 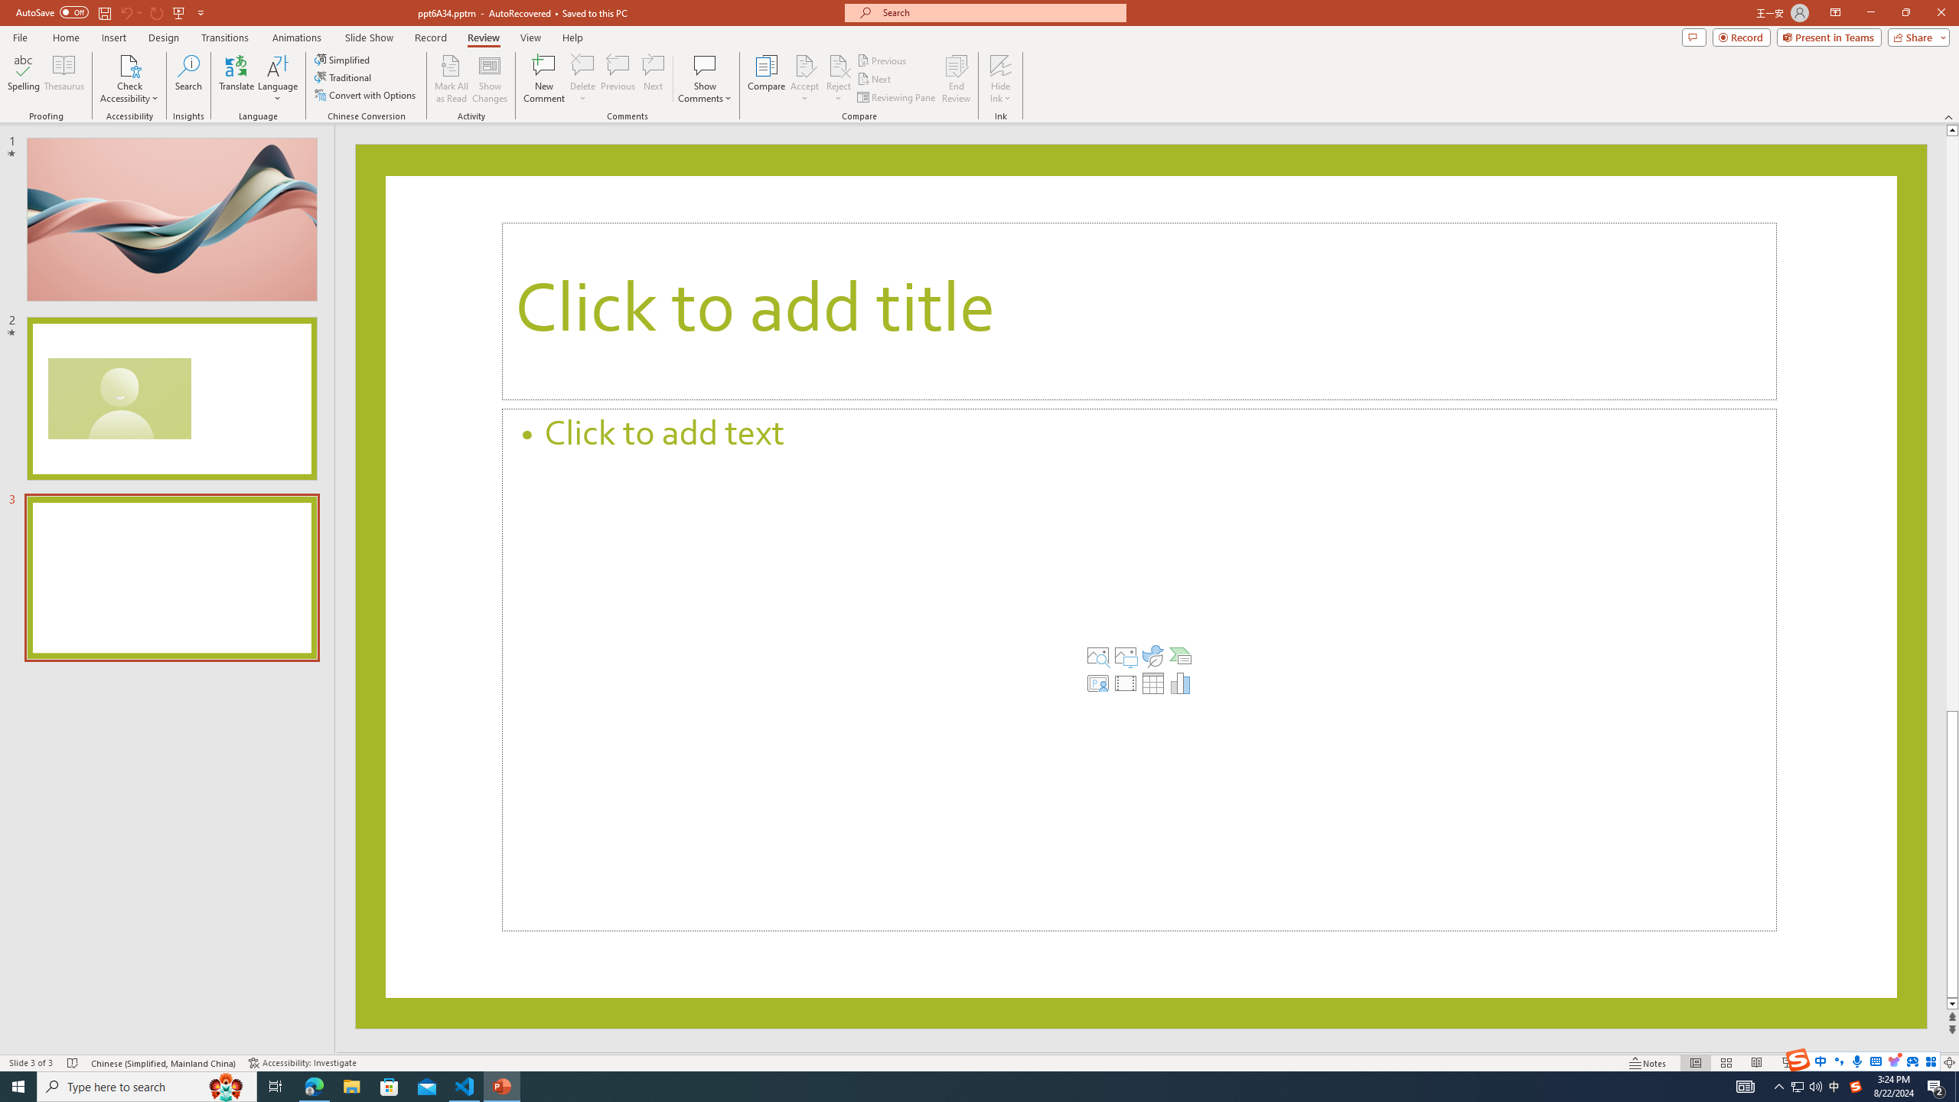 I want to click on 'Reviewing Pane', so click(x=896, y=97).